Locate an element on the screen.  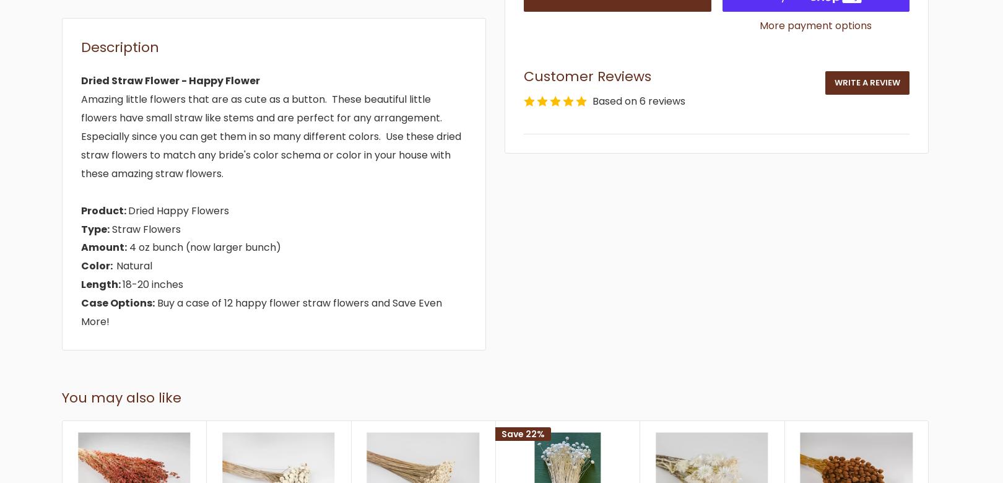
'Dried Happy Flowers' is located at coordinates (178, 209).